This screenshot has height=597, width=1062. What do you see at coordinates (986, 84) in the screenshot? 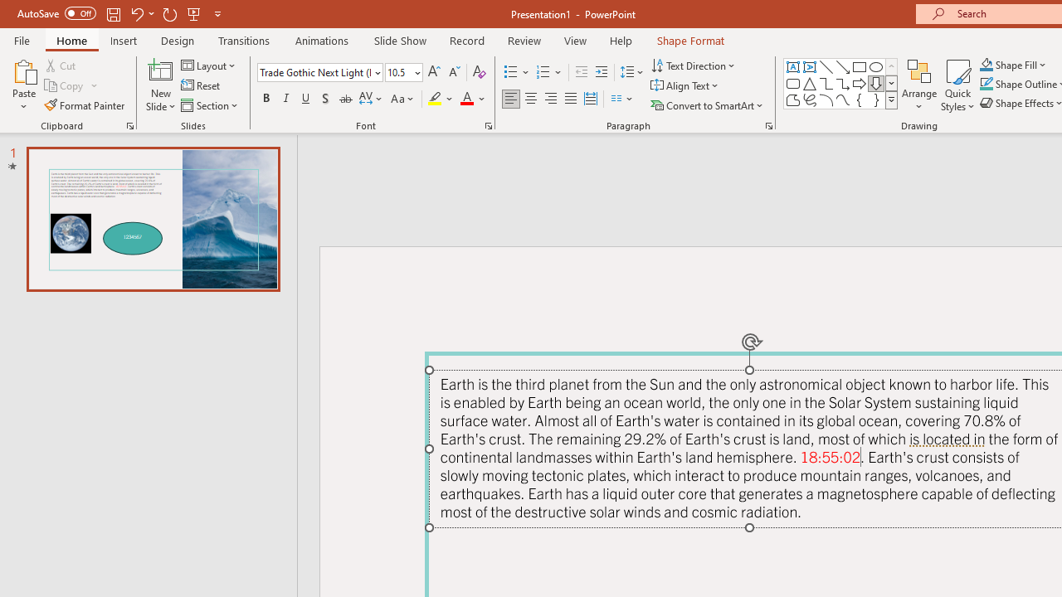
I see `'Shape Outline Teal, Accent 1'` at bounding box center [986, 84].